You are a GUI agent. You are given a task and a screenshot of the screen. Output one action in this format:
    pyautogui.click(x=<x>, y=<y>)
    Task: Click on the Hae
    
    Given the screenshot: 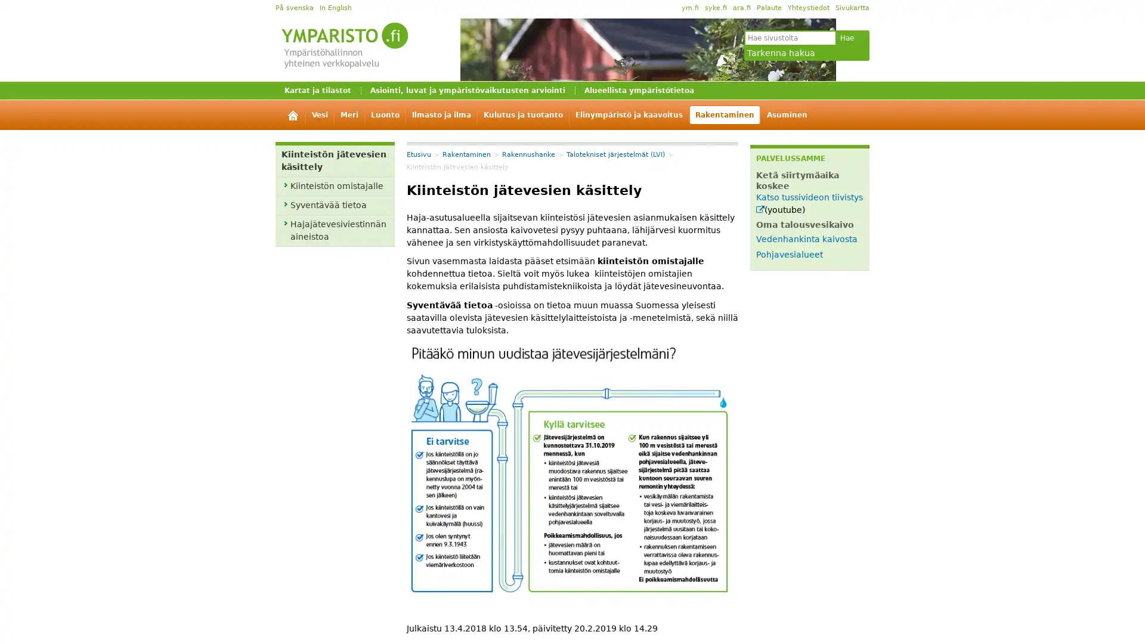 What is the action you would take?
    pyautogui.click(x=846, y=38)
    